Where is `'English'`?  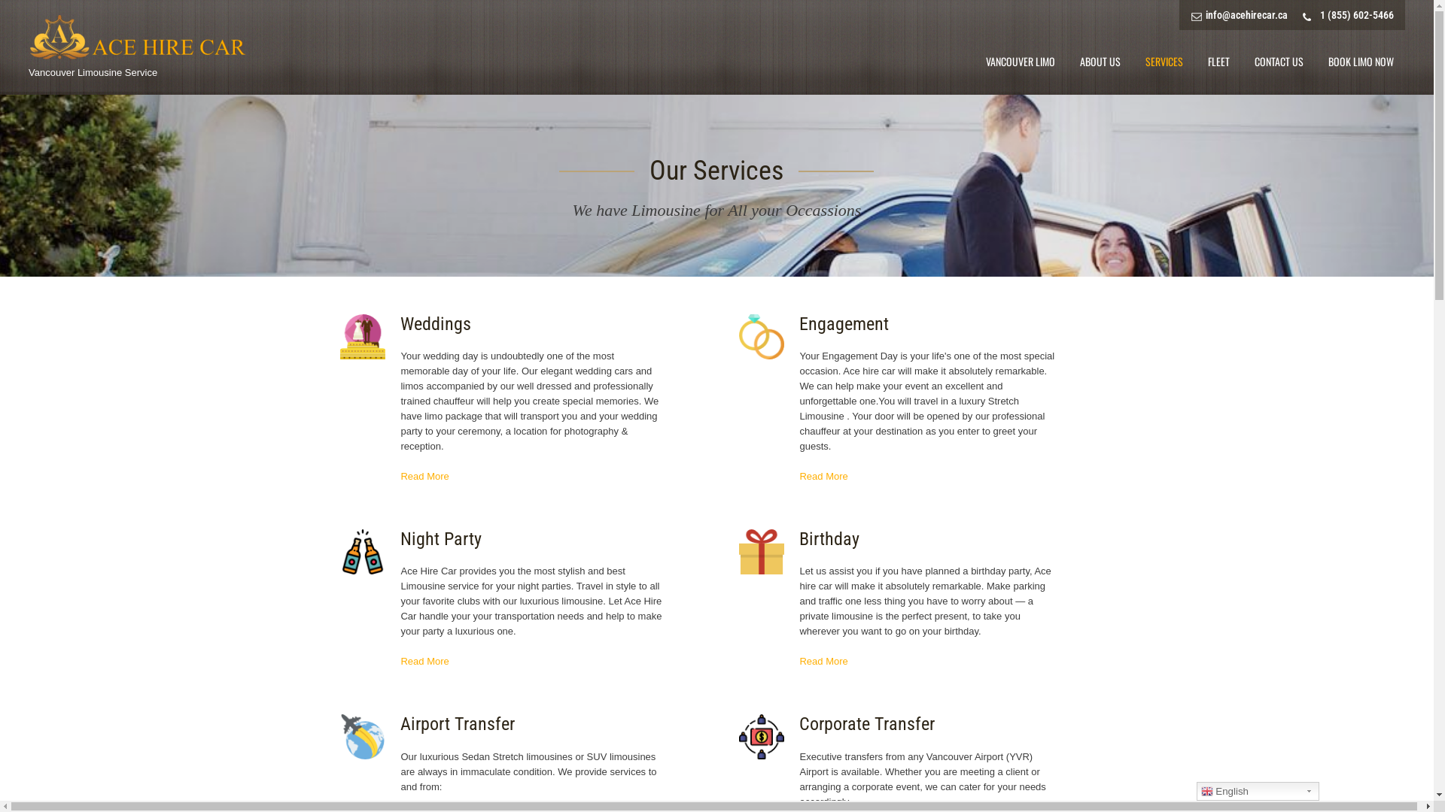
'English' is located at coordinates (1258, 790).